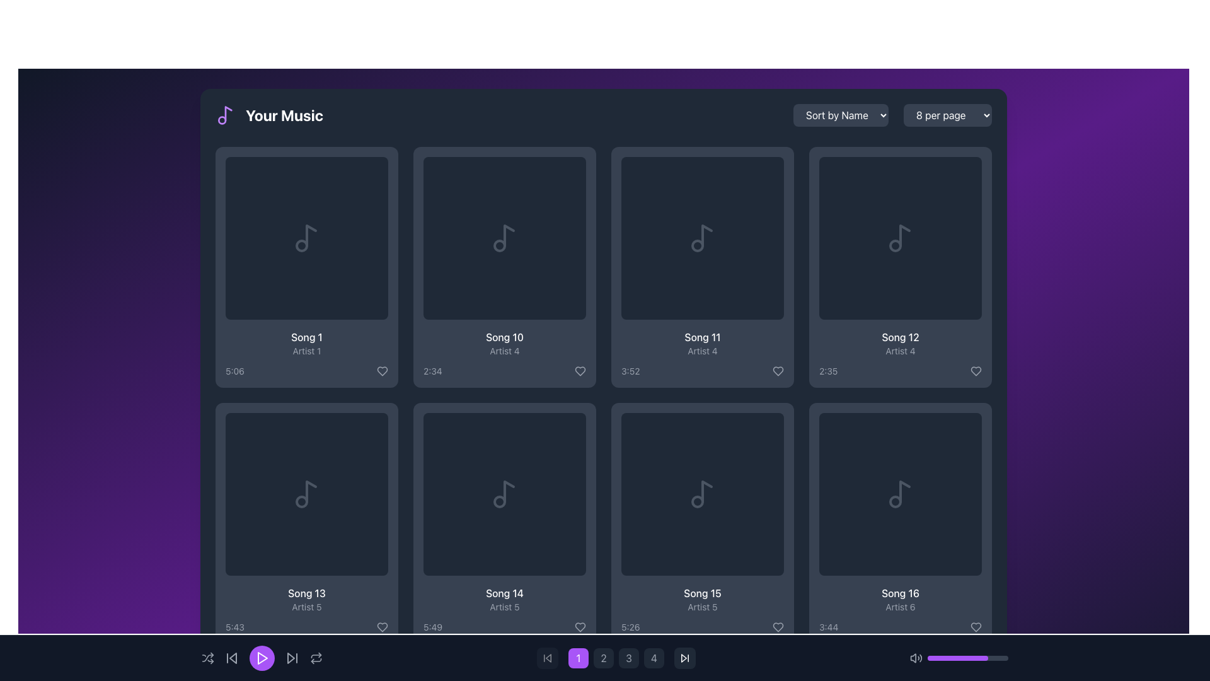  Describe the element at coordinates (505, 607) in the screenshot. I see `the text label displaying 'Artist 5', which is located below the song title 'Song 14' and above the duration '5:49'` at that location.